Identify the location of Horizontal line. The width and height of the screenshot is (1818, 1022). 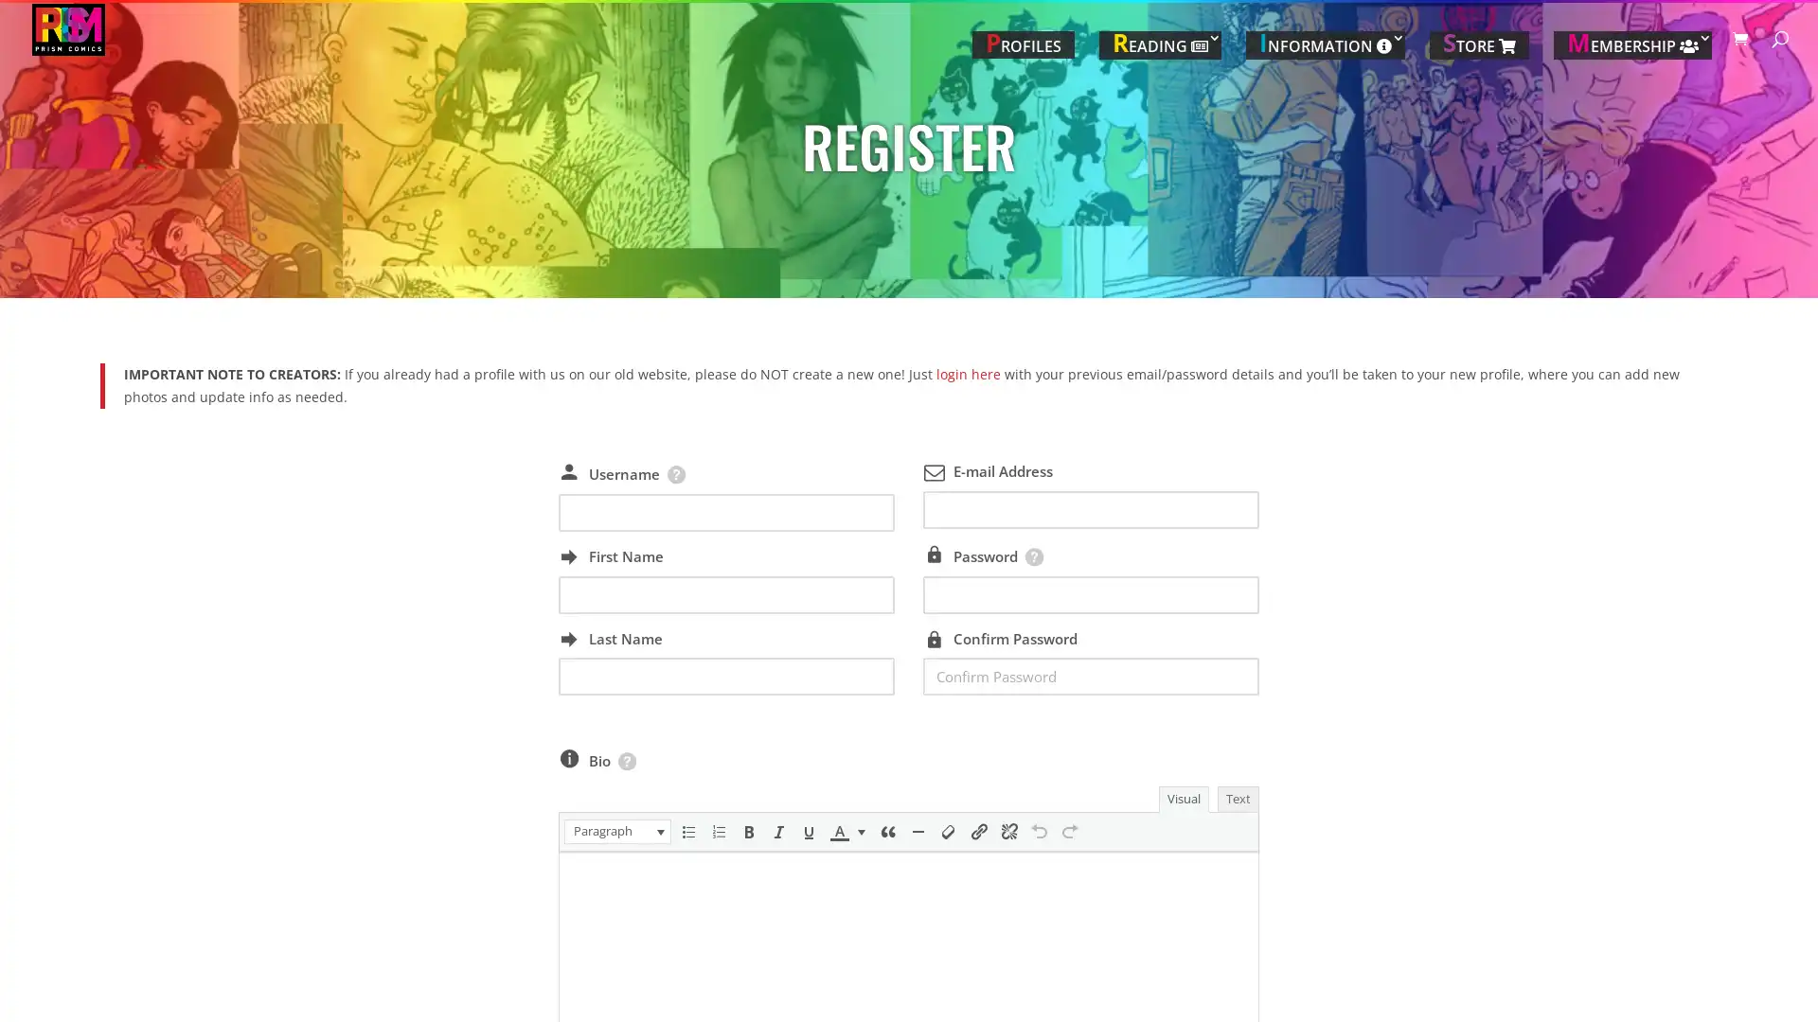
(918, 831).